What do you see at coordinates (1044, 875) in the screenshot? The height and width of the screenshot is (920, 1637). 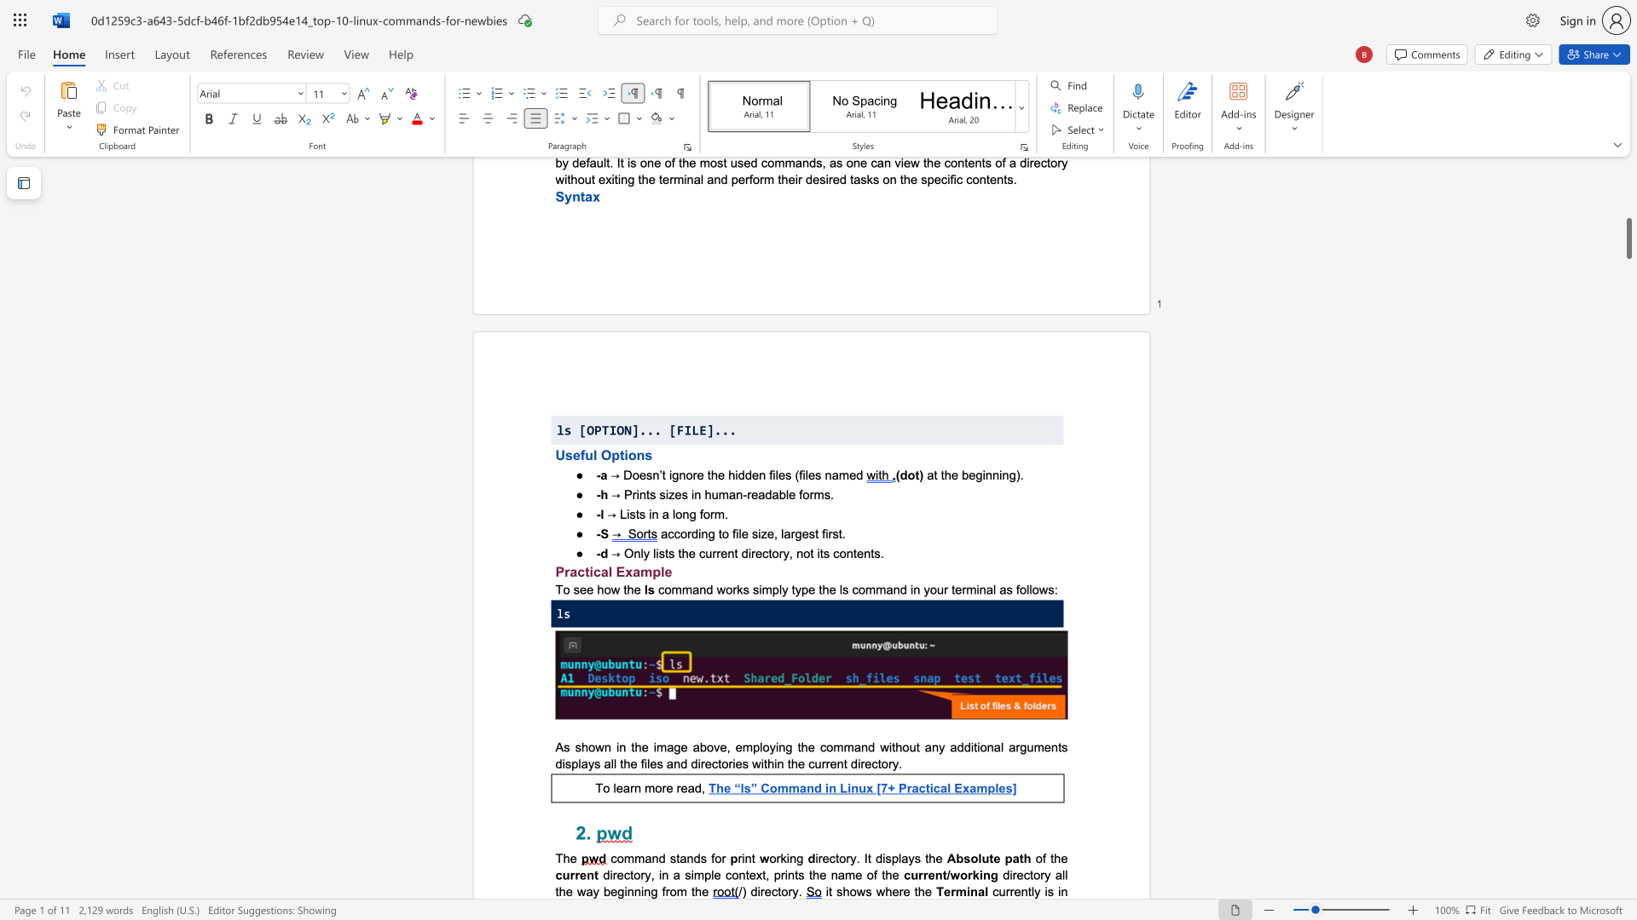 I see `the subset text "y all" within the text "directory all the way beginning from the"` at bounding box center [1044, 875].